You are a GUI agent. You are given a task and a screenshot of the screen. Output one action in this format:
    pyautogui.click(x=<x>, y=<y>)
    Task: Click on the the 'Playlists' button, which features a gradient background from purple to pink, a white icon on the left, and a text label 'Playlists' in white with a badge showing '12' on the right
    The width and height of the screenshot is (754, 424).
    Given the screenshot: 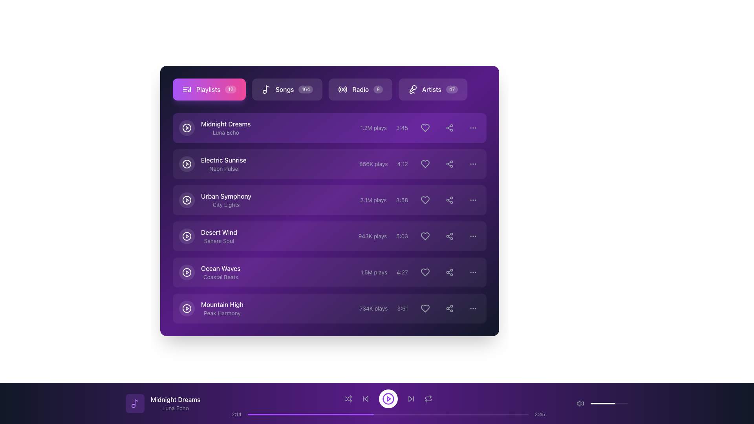 What is the action you would take?
    pyautogui.click(x=209, y=89)
    